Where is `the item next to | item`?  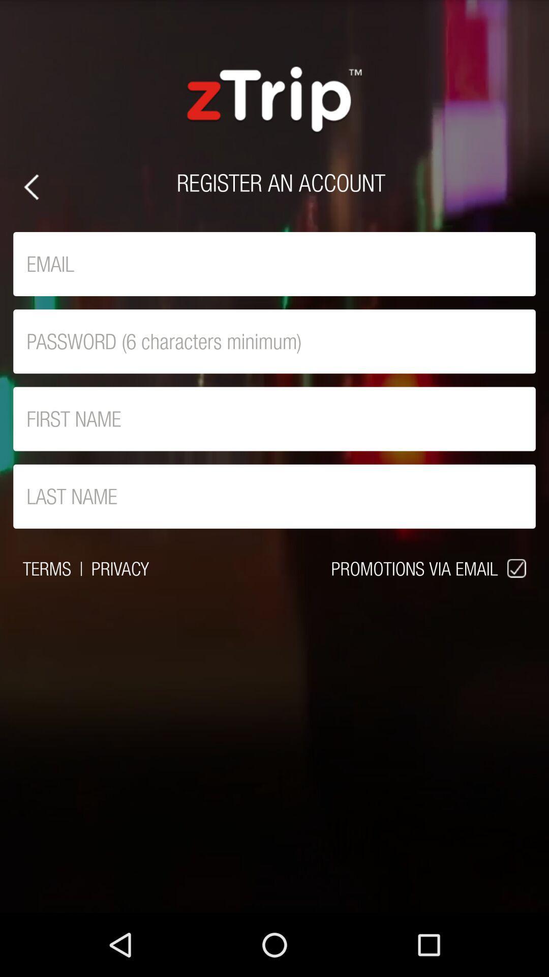
the item next to | item is located at coordinates (47, 568).